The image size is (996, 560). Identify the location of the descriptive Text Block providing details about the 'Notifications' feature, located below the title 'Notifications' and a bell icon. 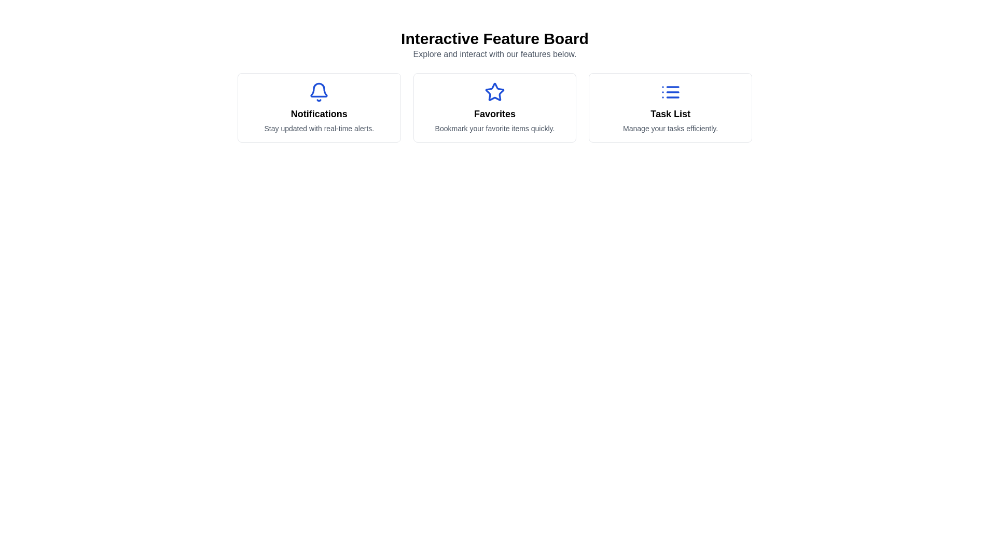
(319, 128).